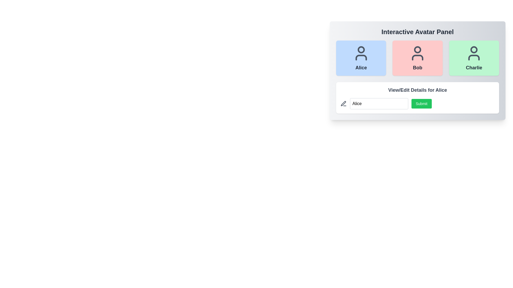 This screenshot has width=513, height=288. Describe the element at coordinates (474, 53) in the screenshot. I see `the gray user icon outlined against a green background, located at the center of the green card labeled 'Charlie' in the top-right corner of the 'Interactive Avatar Panel'` at that location.